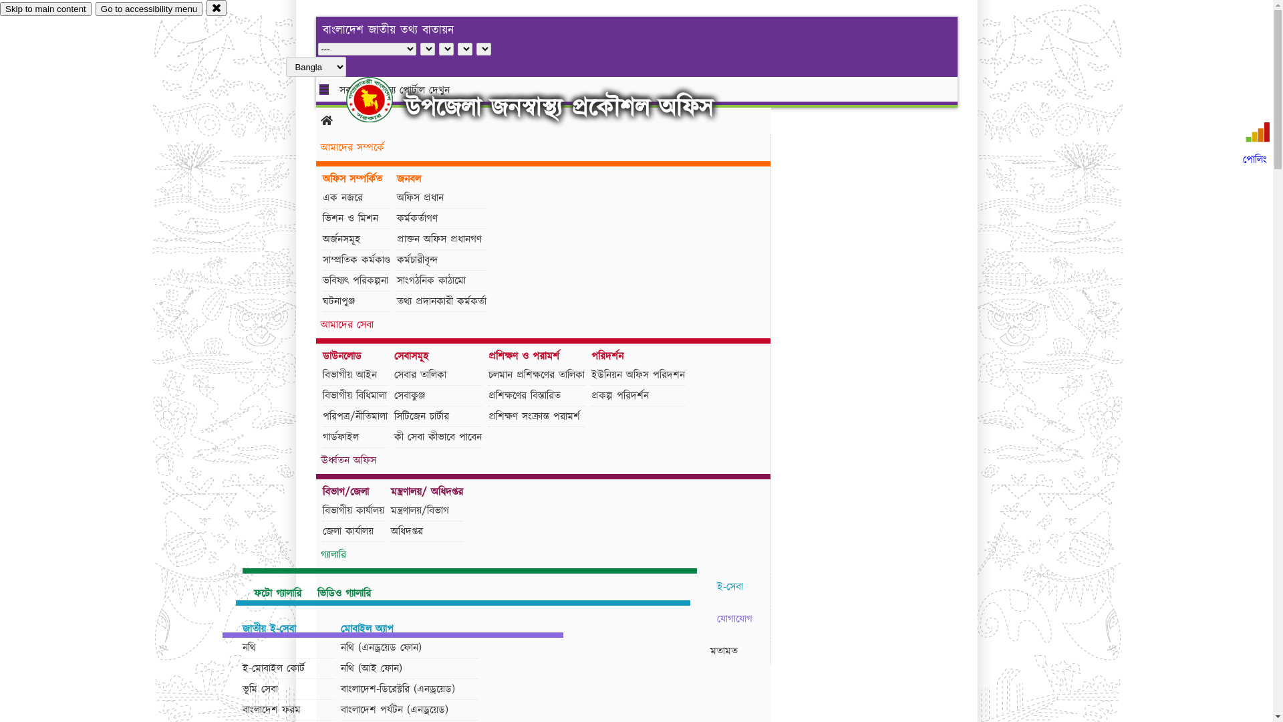 This screenshot has height=722, width=1283. What do you see at coordinates (148, 9) in the screenshot?
I see `'Go to accessibility menu'` at bounding box center [148, 9].